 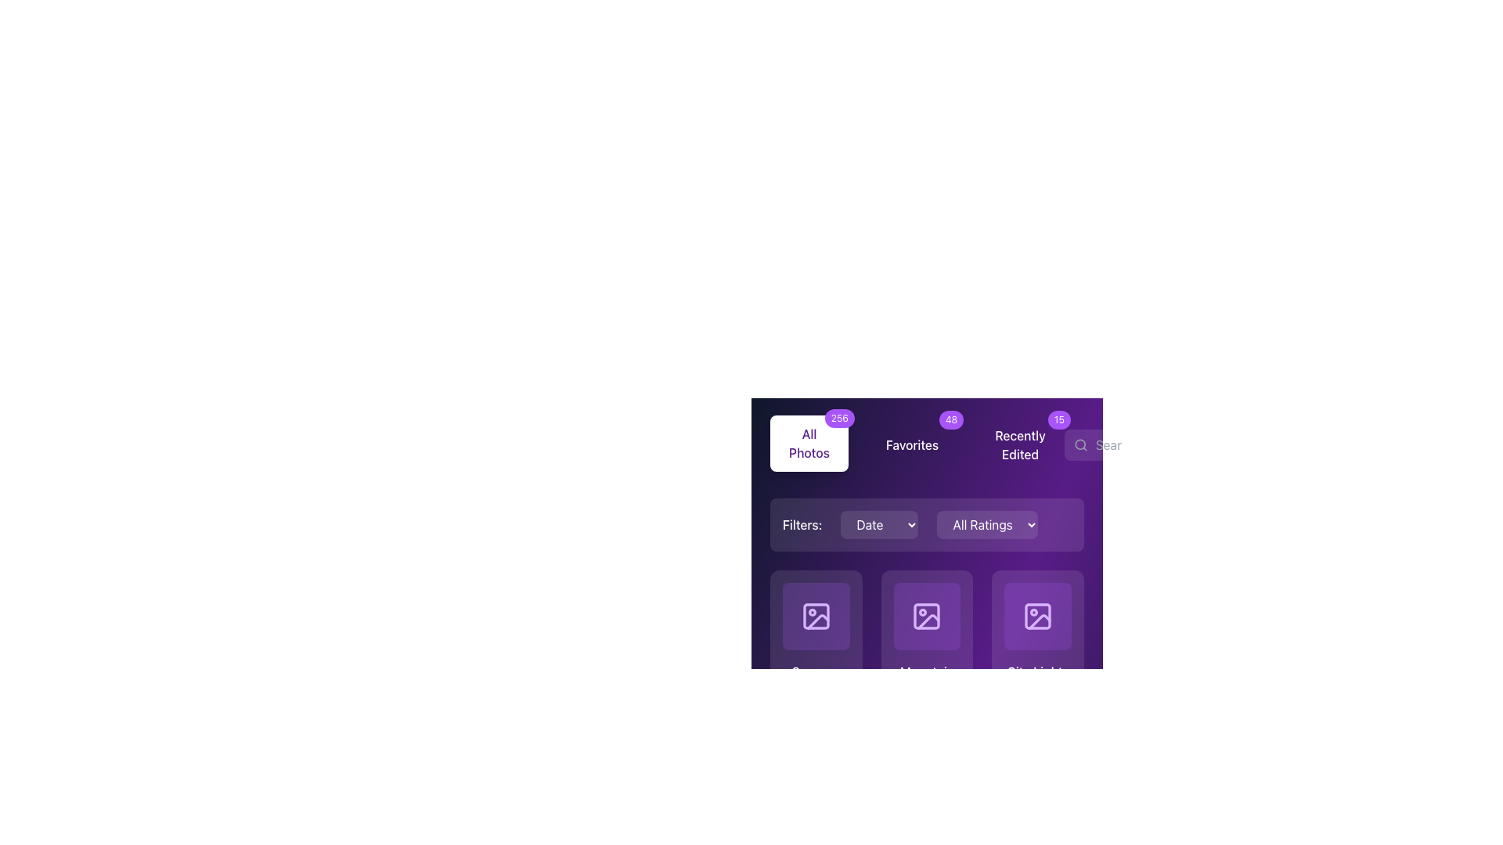 What do you see at coordinates (1079, 445) in the screenshot?
I see `the search icon located to the left of the 'Search photos...' input field to focus on the search field` at bounding box center [1079, 445].